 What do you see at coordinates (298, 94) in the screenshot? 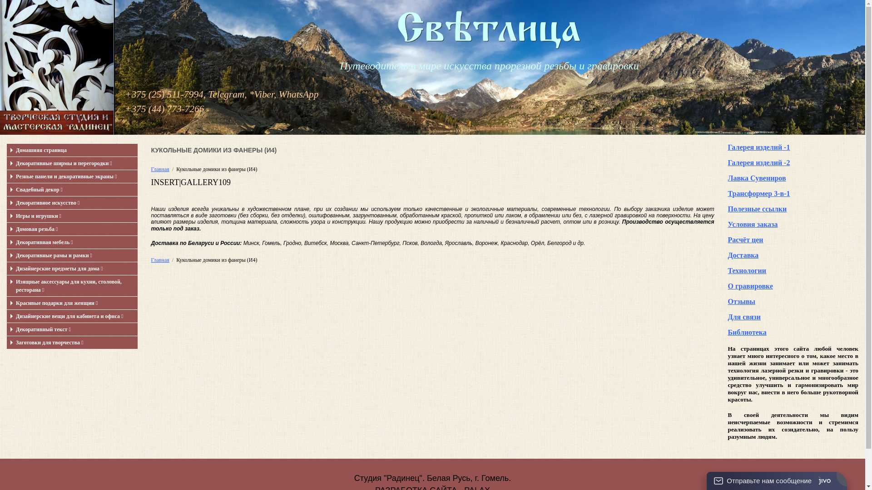
I see `'WhatsApp'` at bounding box center [298, 94].